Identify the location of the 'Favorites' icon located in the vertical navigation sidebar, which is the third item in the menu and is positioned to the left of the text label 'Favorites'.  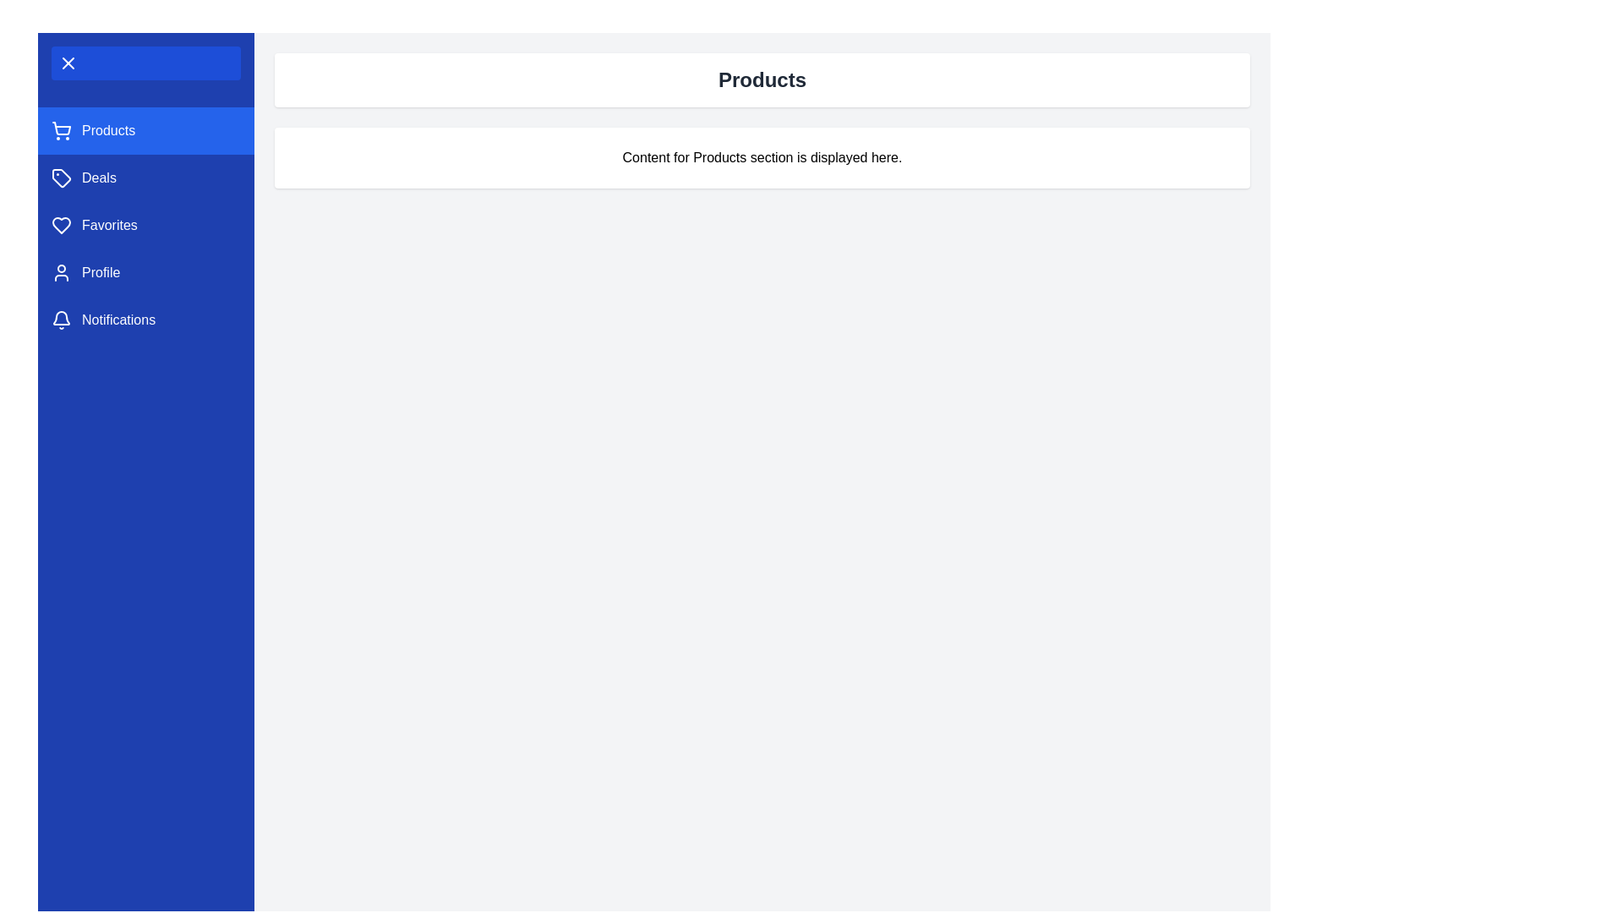
(61, 224).